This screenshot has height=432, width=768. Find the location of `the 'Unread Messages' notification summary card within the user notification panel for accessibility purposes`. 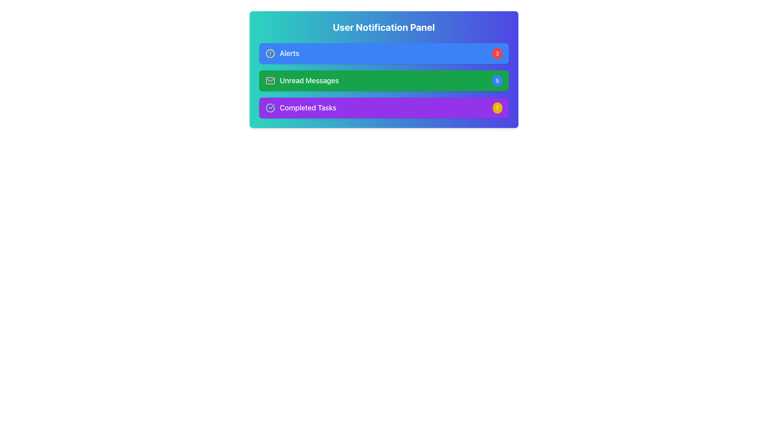

the 'Unread Messages' notification summary card within the user notification panel for accessibility purposes is located at coordinates (383, 80).